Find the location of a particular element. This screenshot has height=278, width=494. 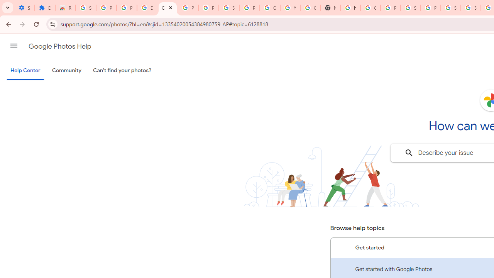

'Settings - On startup' is located at coordinates (24, 8).